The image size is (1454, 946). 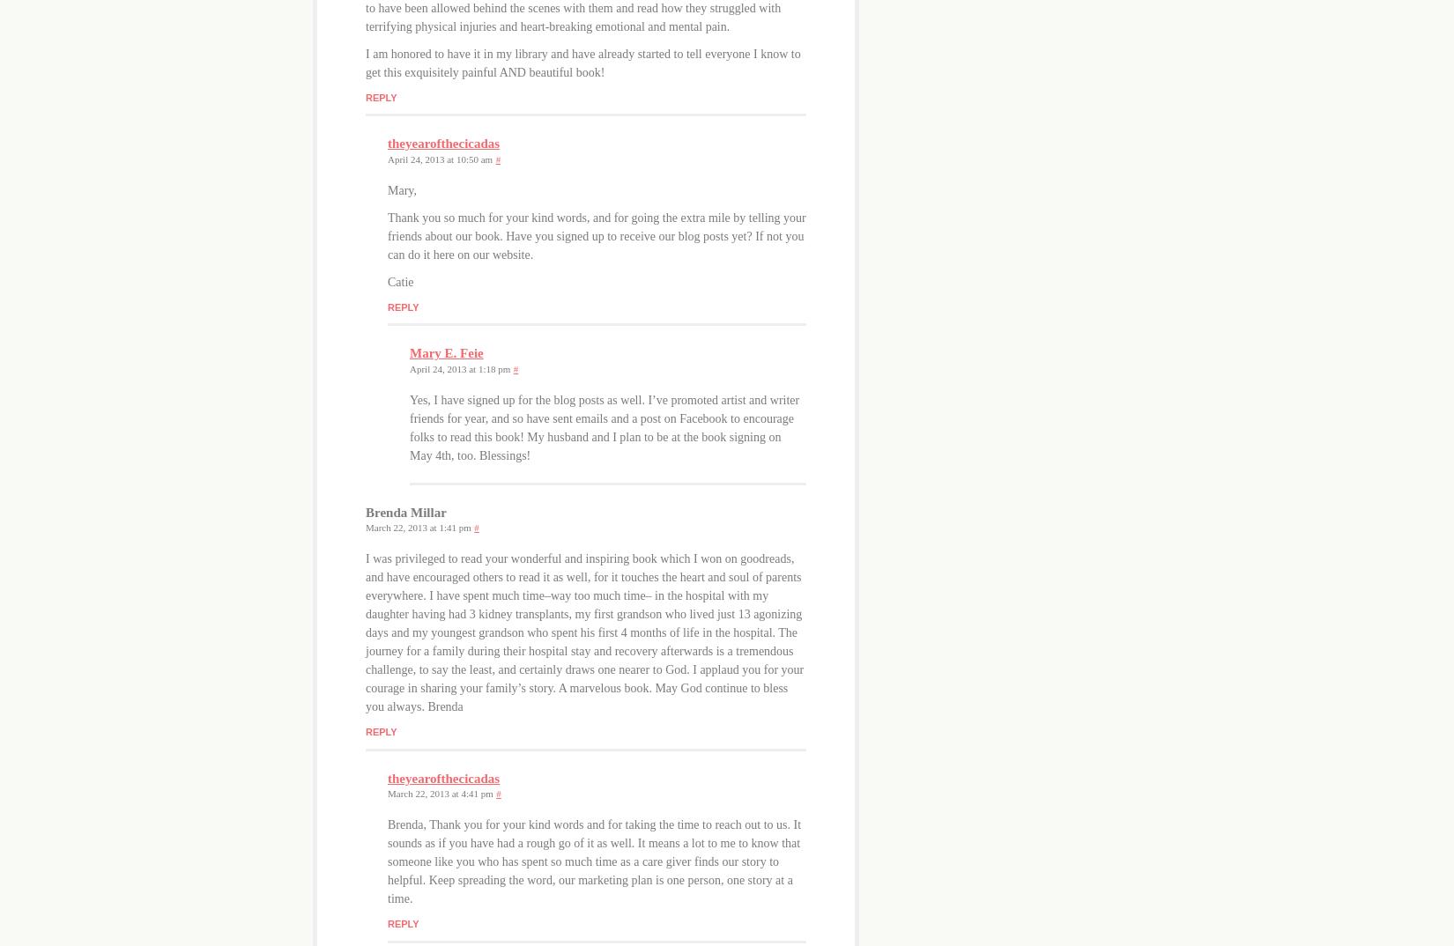 What do you see at coordinates (364, 62) in the screenshot?
I see `'I am honored to have it in my library and have already started to tell everyone I know to get this exquisitely painful AND beautiful book!'` at bounding box center [364, 62].